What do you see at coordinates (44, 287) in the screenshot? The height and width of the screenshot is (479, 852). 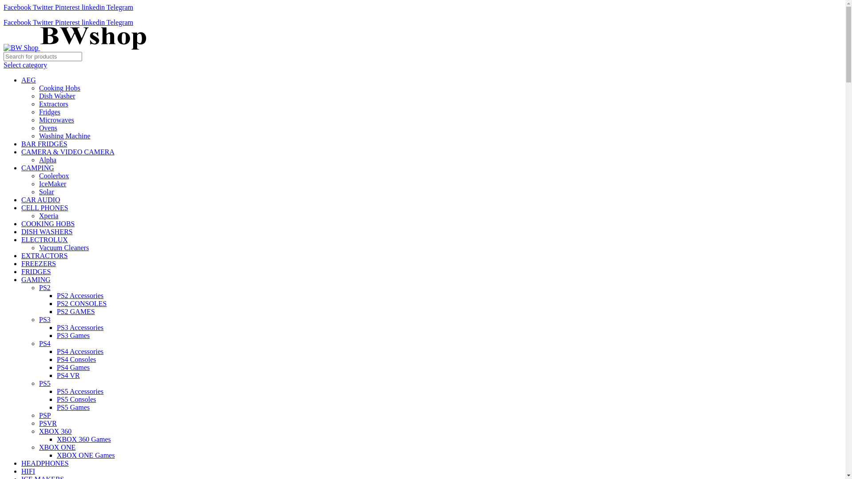 I see `'PS2'` at bounding box center [44, 287].